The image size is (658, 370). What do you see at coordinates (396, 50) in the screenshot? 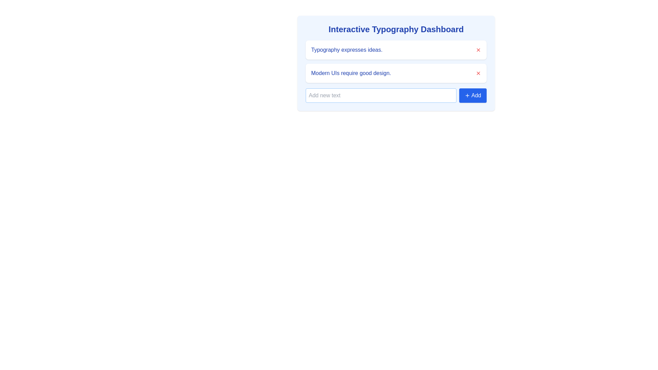
I see `the first list item with the text 'Typography expresses ideas.' and a red 'X' icon for removal` at bounding box center [396, 50].